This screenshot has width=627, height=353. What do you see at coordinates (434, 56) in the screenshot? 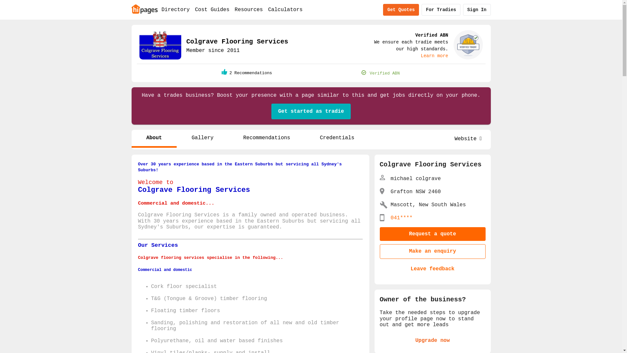
I see `'Learn more'` at bounding box center [434, 56].